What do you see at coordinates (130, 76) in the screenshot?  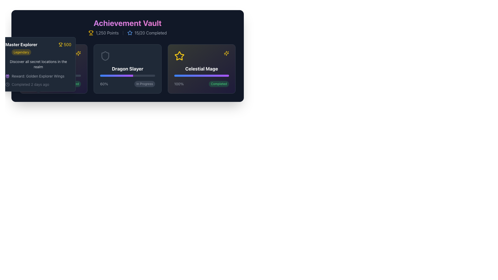 I see `progress bar` at bounding box center [130, 76].